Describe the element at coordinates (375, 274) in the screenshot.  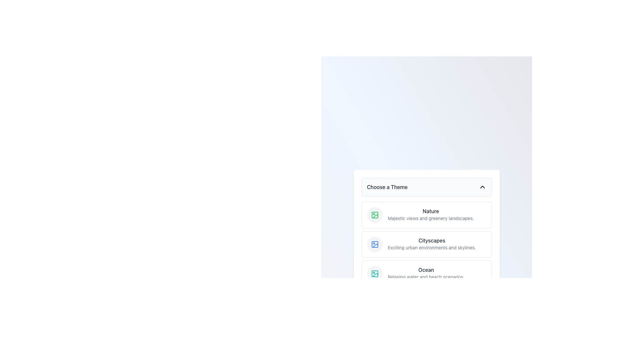
I see `the circular icon representing the 'Ocean' category, located at the leftmost edge of the row containing the 'Relaxing water and beach scenarios' text` at that location.